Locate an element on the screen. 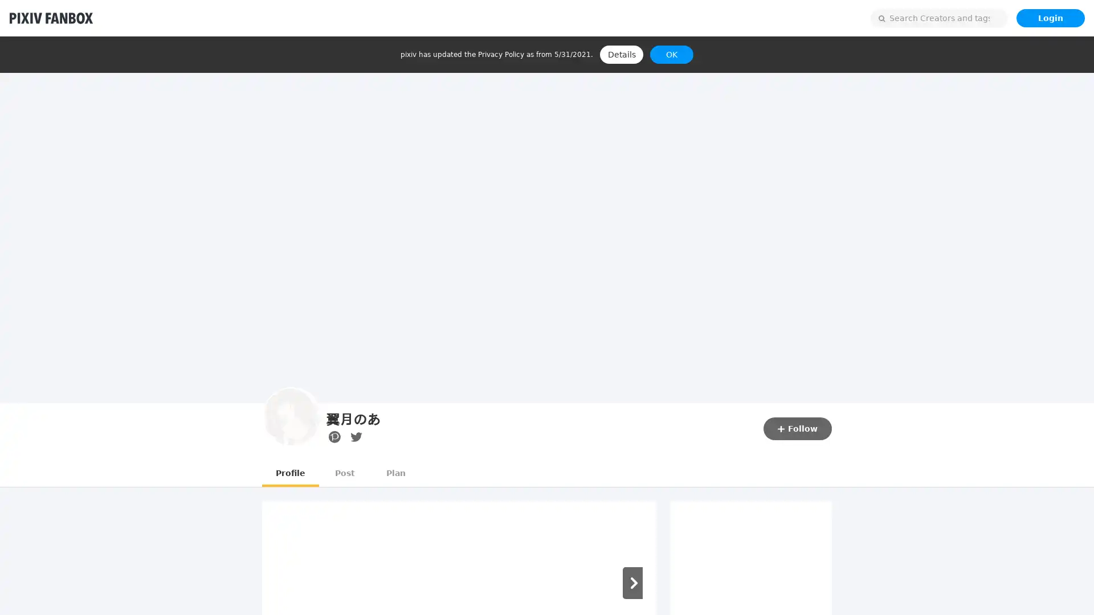 Image resolution: width=1094 pixels, height=615 pixels. OK is located at coordinates (672, 55).